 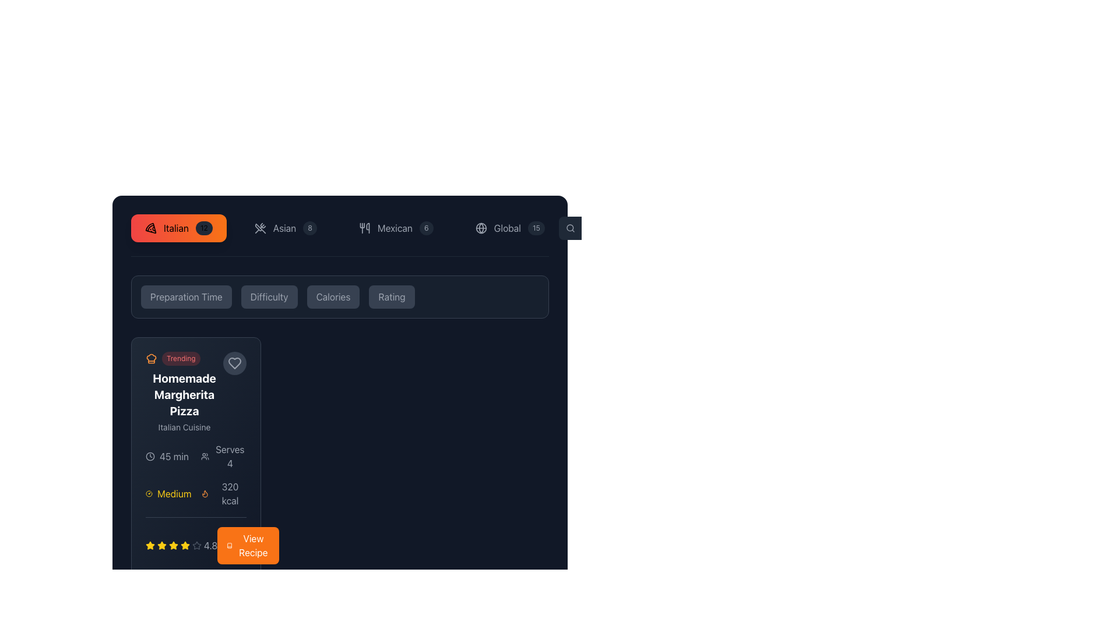 I want to click on the featured recipe card for 'Homemade Margherita Pizza' located in the top-left section of the grid view under the 'Italian' tab, so click(x=184, y=393).